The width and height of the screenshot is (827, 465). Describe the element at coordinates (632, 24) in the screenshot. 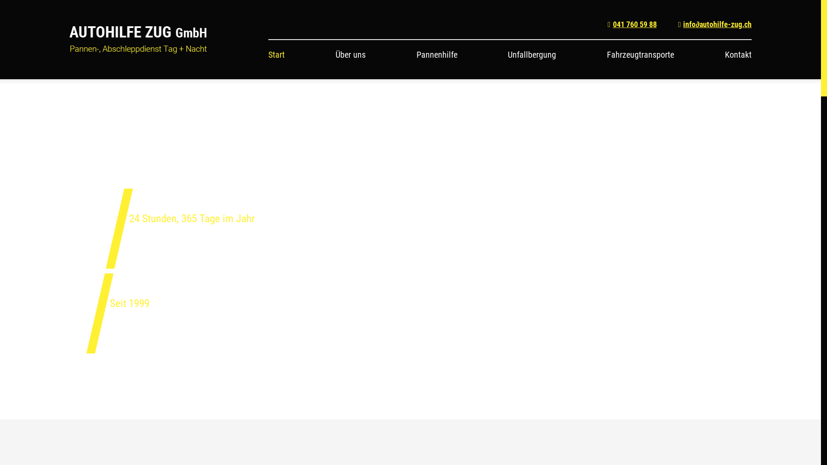

I see `'041 760 59 88'` at that location.